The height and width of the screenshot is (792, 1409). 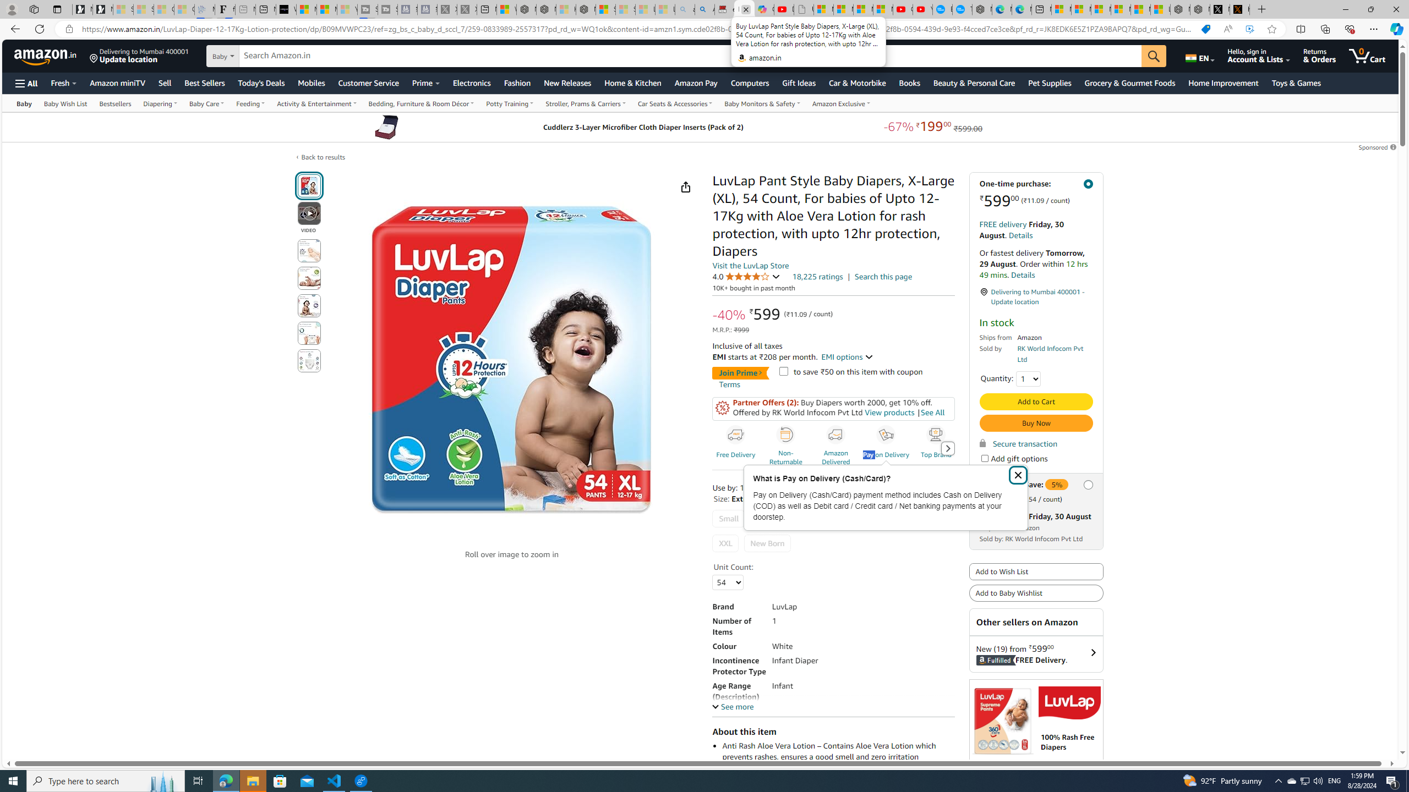 I want to click on 'Newsletter Sign Up', so click(x=102, y=9).